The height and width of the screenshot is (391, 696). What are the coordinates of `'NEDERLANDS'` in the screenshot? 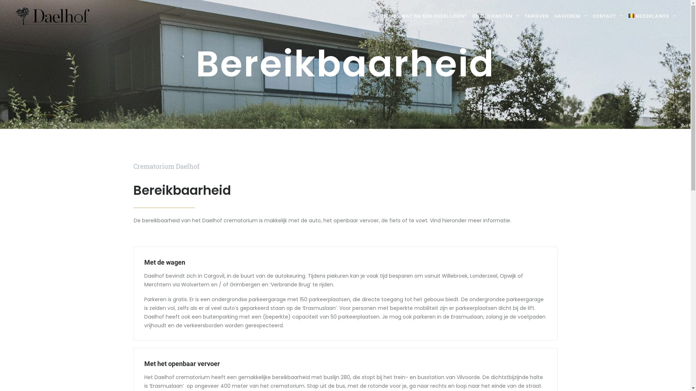 It's located at (651, 16).